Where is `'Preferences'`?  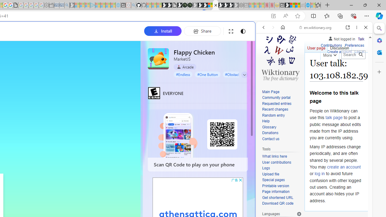
'Preferences' is located at coordinates (354, 45).